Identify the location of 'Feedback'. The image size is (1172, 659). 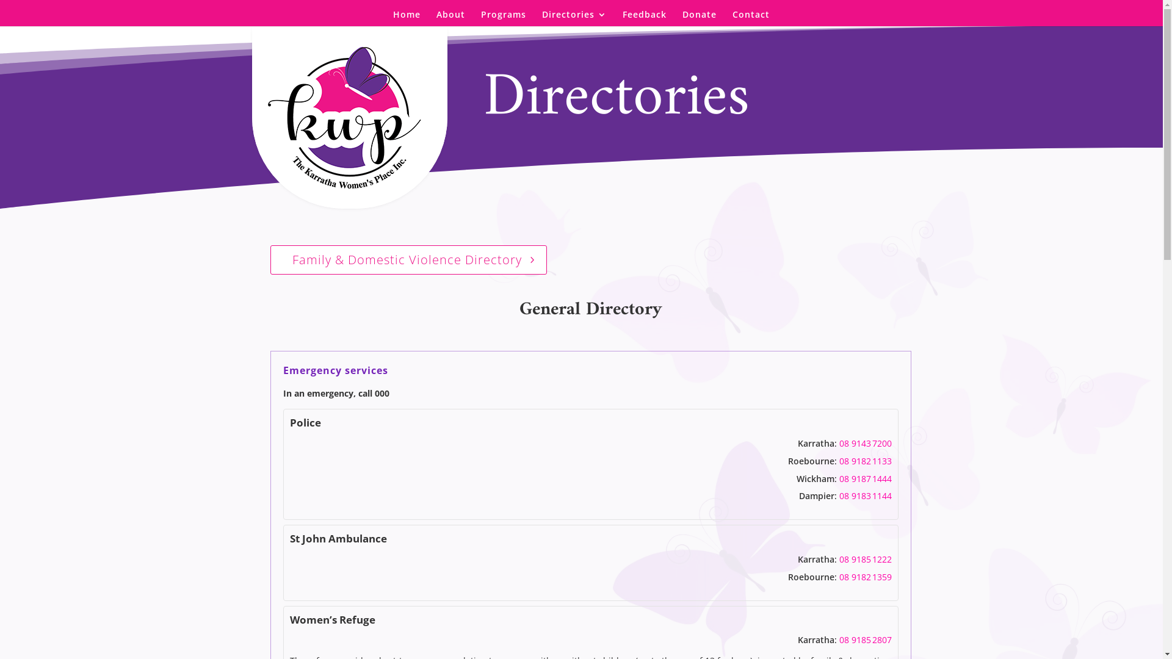
(622, 18).